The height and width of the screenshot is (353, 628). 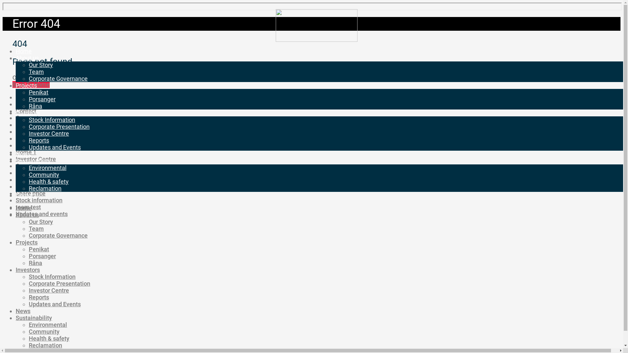 I want to click on 'About us', so click(x=27, y=58).